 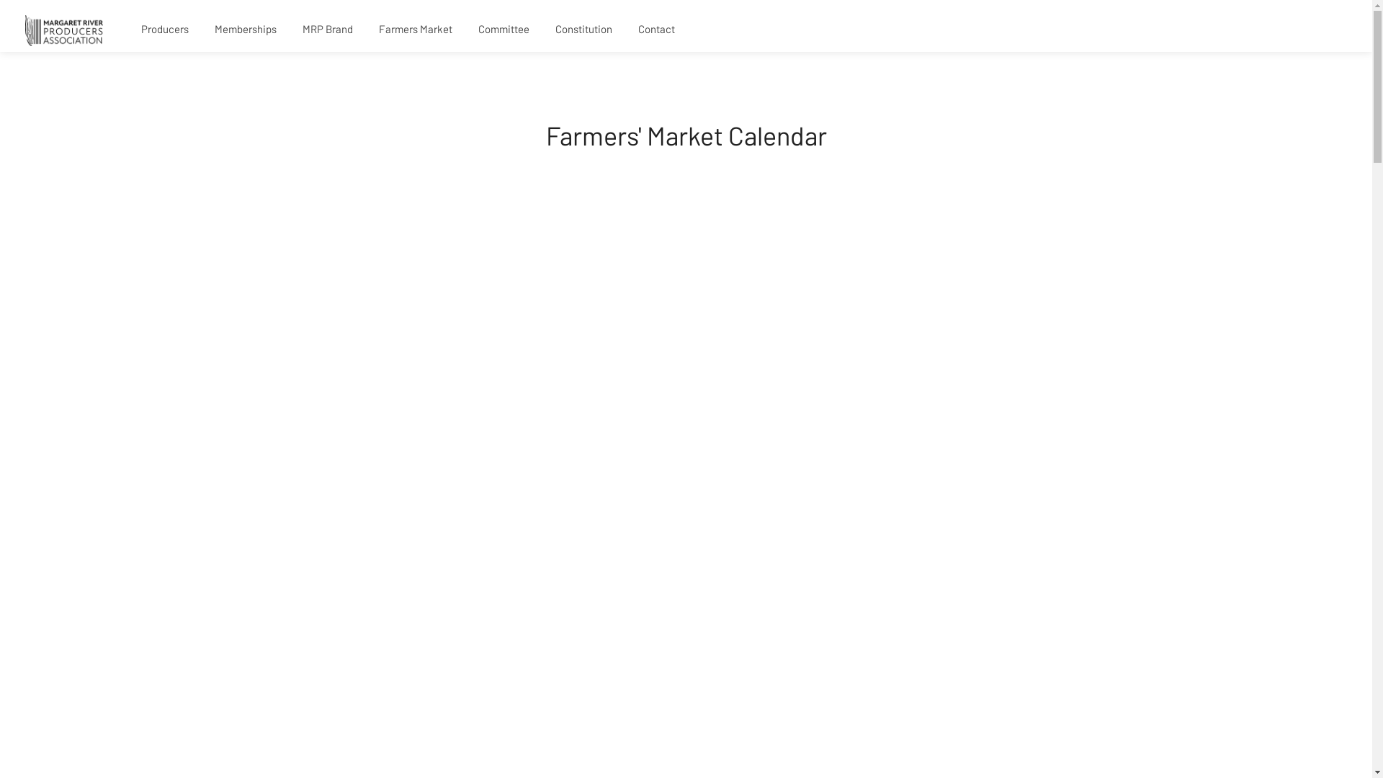 What do you see at coordinates (414, 30) in the screenshot?
I see `'Farmers Market'` at bounding box center [414, 30].